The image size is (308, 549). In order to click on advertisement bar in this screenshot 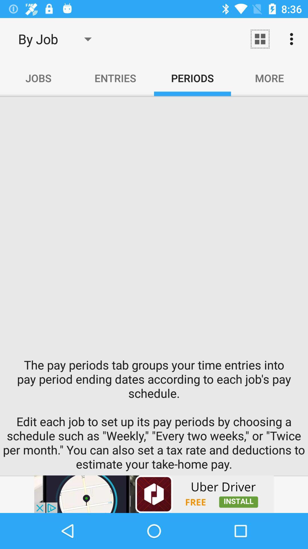, I will do `click(154, 494)`.